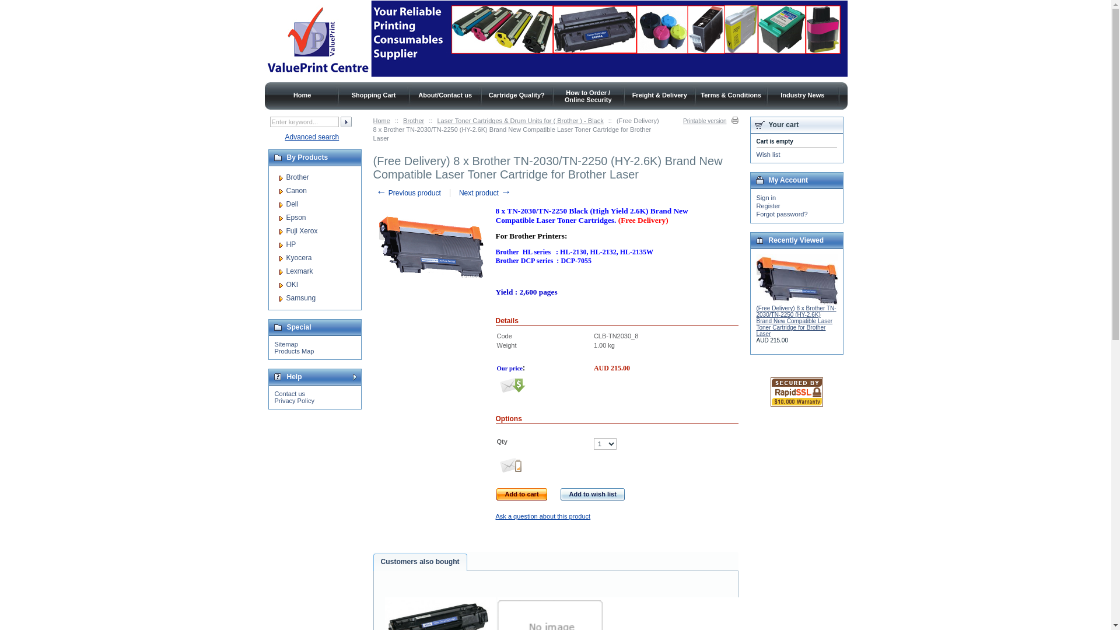 This screenshot has width=1120, height=630. Describe the element at coordinates (781, 213) in the screenshot. I see `'Forgot password?'` at that location.